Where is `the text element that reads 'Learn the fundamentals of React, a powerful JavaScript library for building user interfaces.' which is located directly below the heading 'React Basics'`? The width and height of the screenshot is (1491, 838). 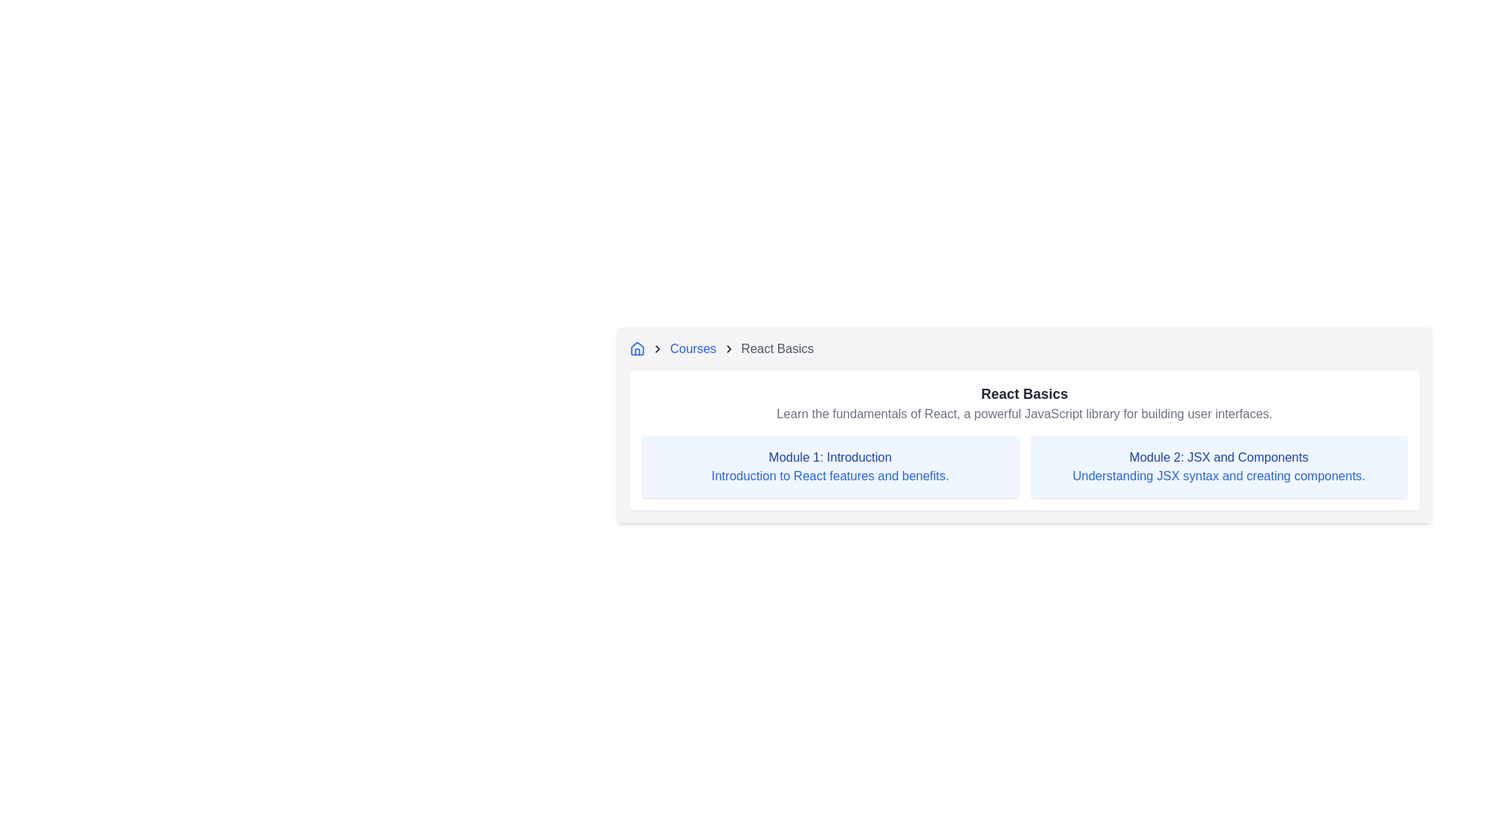 the text element that reads 'Learn the fundamentals of React, a powerful JavaScript library for building user interfaces.' which is located directly below the heading 'React Basics' is located at coordinates (1024, 413).